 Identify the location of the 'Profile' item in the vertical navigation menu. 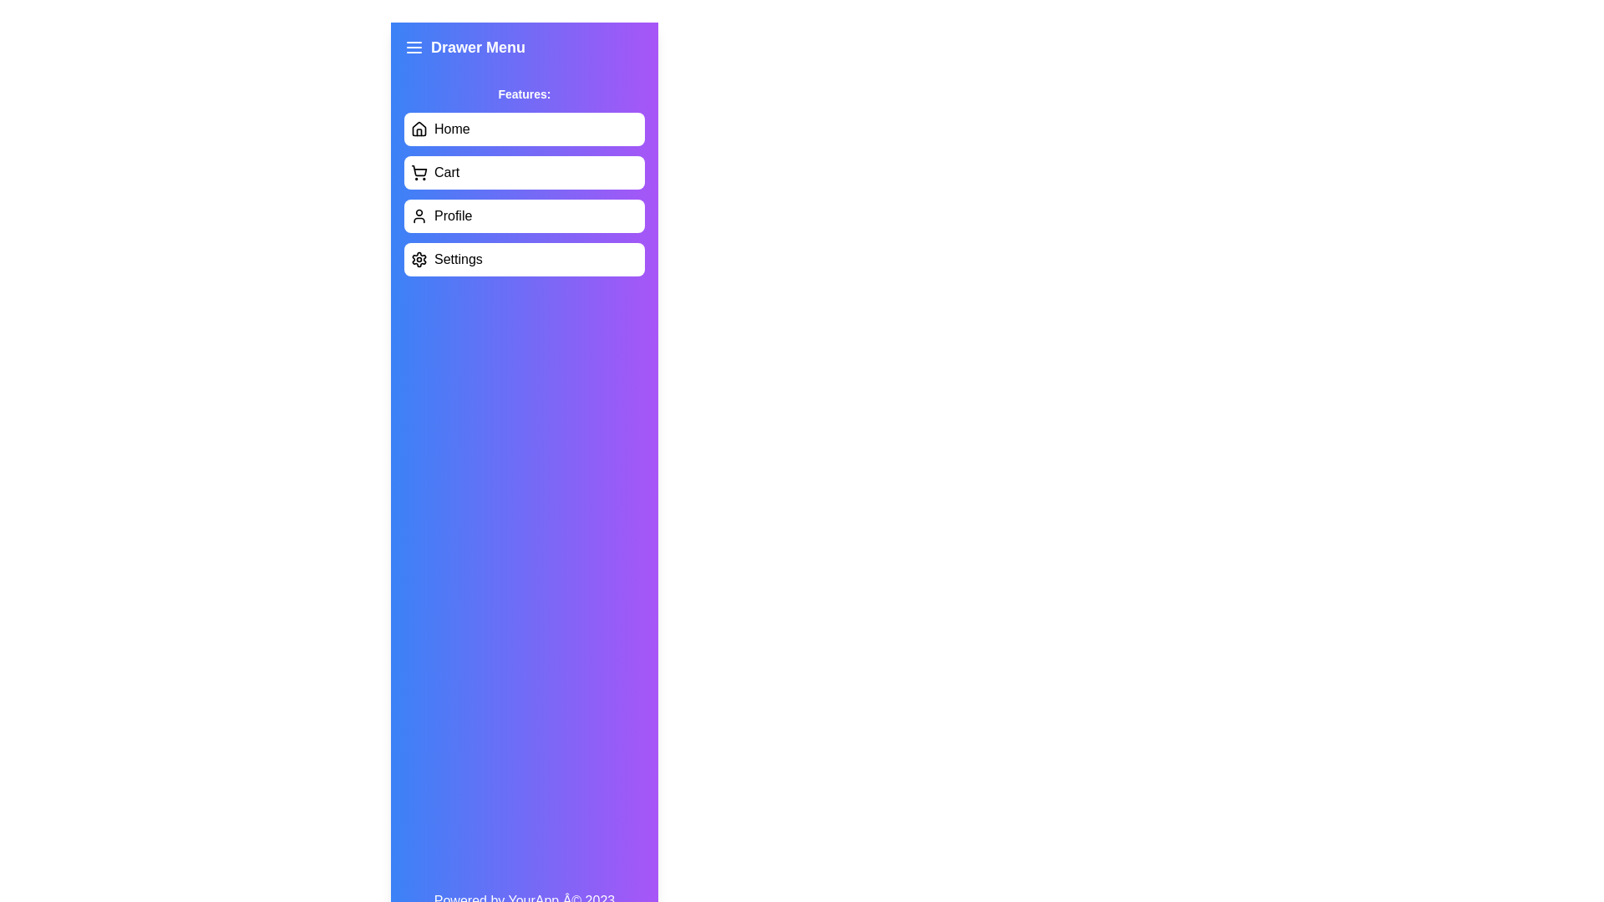
(524, 193).